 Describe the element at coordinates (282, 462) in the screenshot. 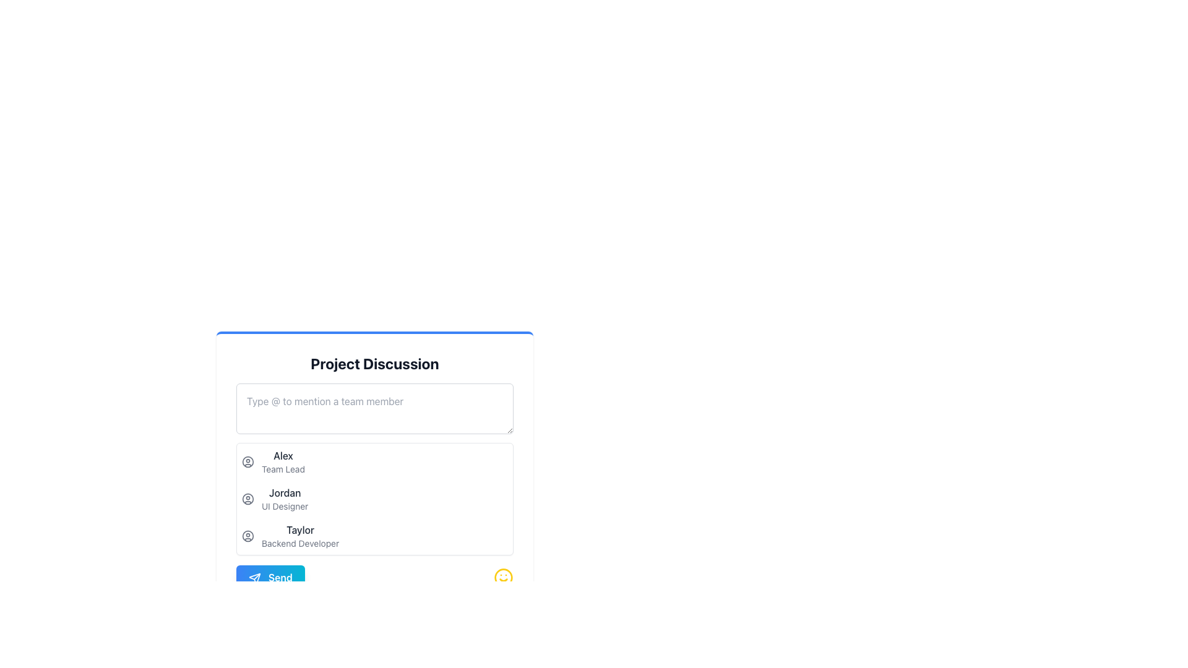

I see `the text display identifying 'Alex, Team Lead' in the list of team participants under 'Project Discussion.'` at that location.